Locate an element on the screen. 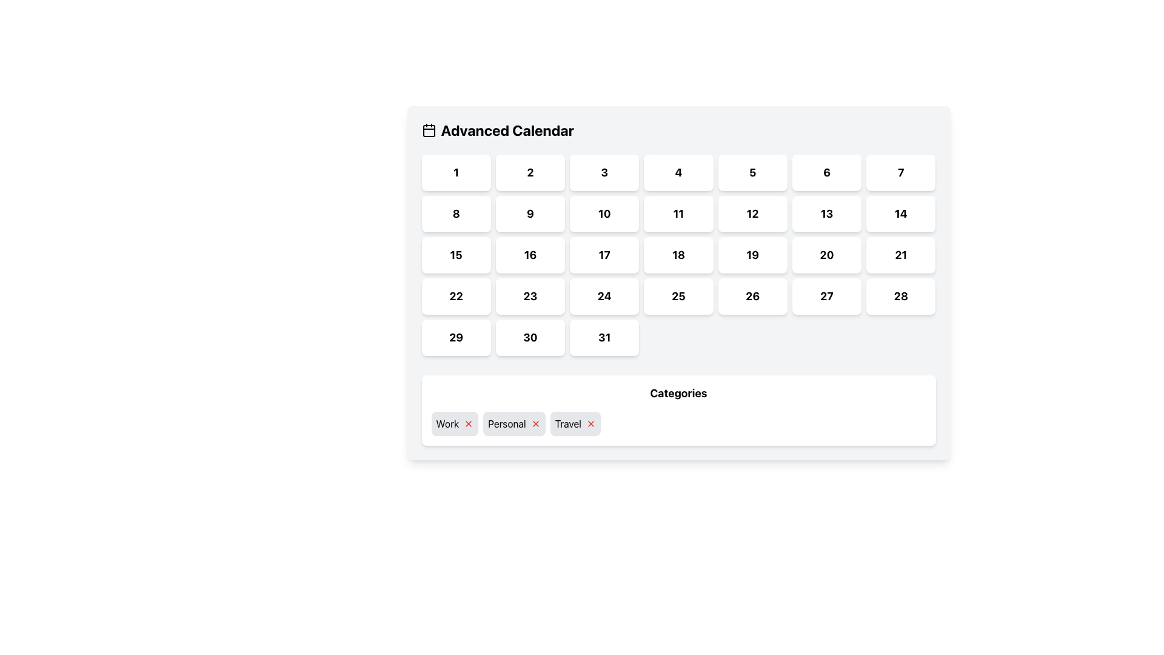 Image resolution: width=1164 pixels, height=655 pixels. the button representing the fourteenth day of the month in the calendar day selection grid is located at coordinates (901, 213).